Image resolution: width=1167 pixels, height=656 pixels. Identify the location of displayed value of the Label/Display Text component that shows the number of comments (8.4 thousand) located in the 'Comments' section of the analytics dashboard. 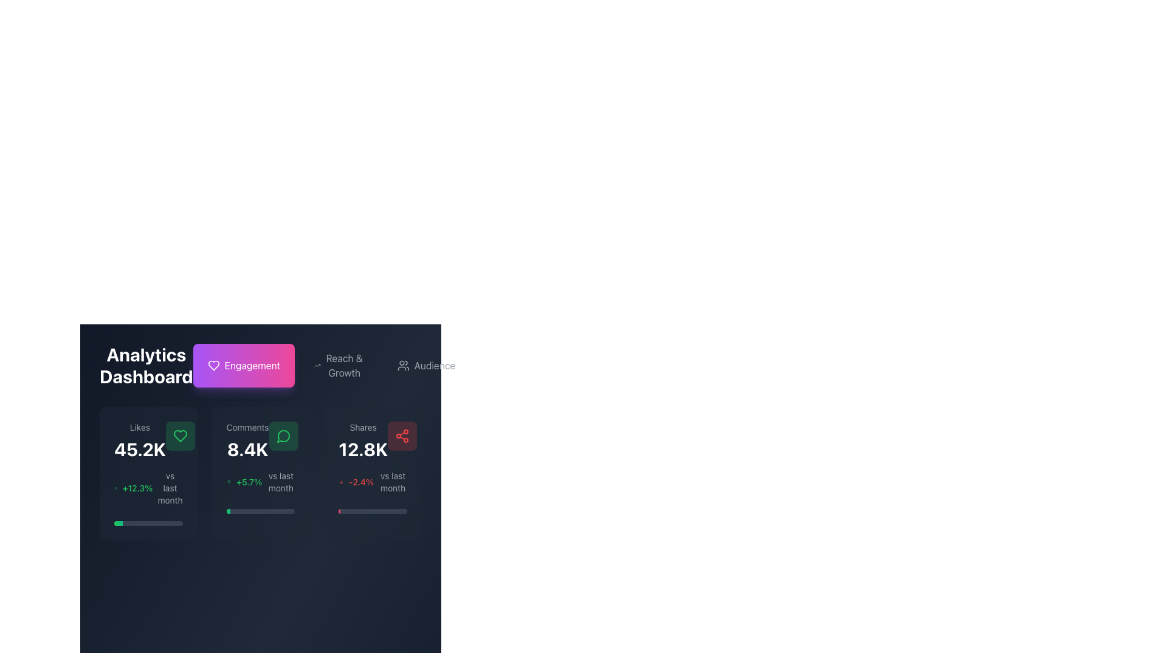
(247, 449).